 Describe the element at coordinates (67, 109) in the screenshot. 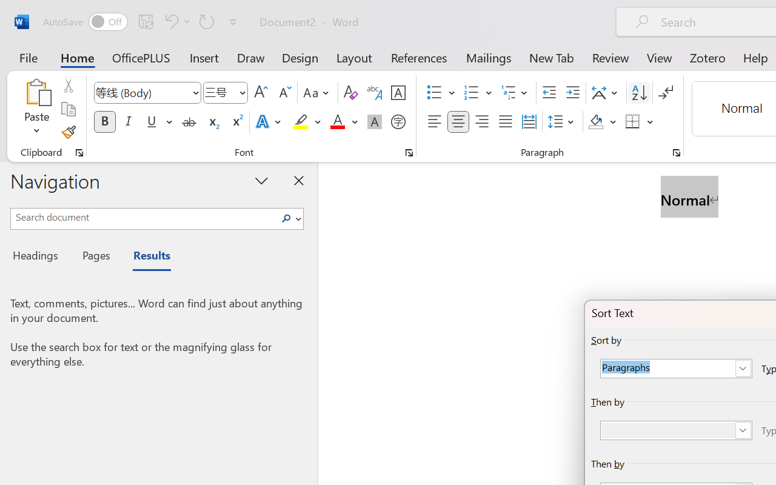

I see `'Copy'` at that location.